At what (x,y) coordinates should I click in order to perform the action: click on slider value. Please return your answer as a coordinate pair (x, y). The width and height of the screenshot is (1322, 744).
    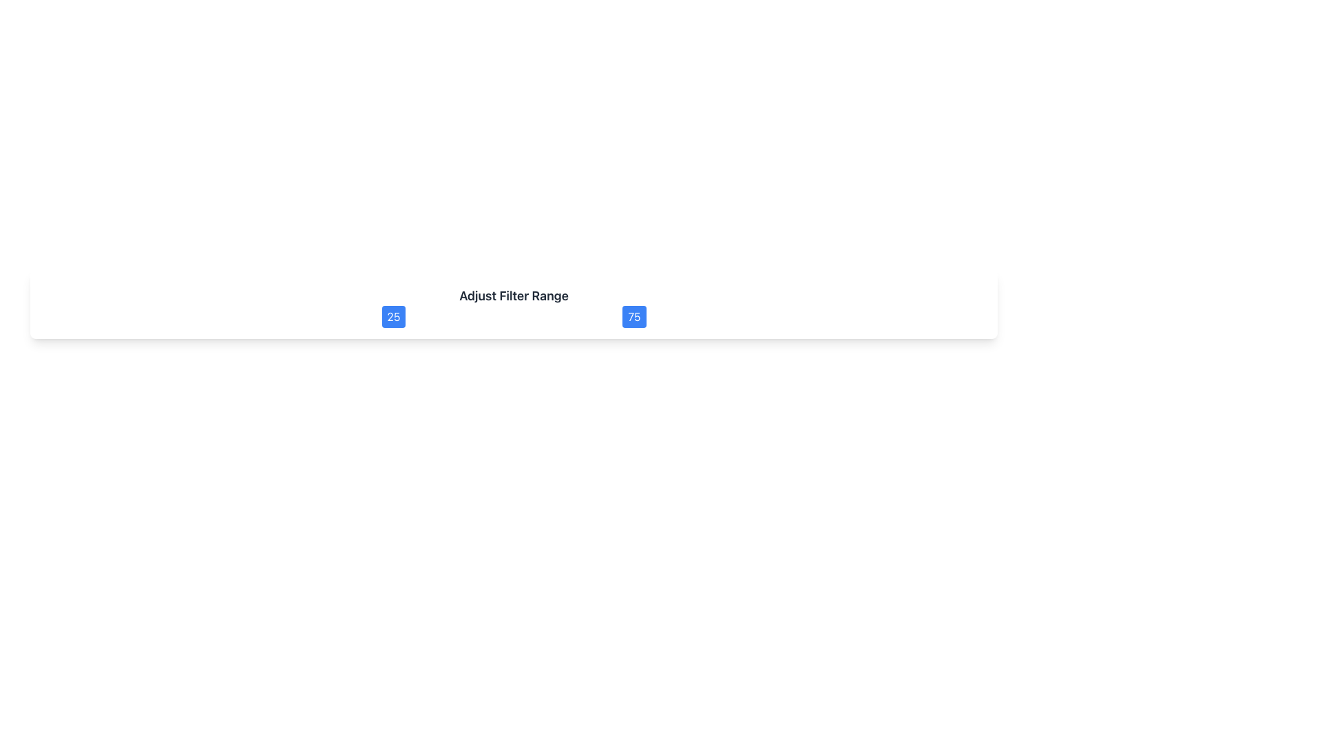
    Looking at the image, I should click on (599, 324).